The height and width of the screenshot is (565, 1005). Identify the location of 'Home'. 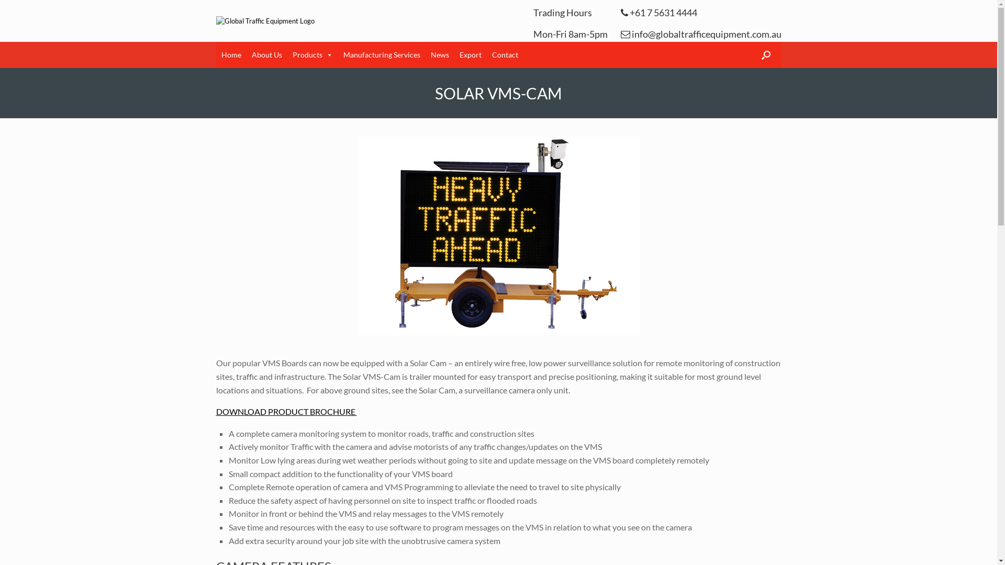
(230, 54).